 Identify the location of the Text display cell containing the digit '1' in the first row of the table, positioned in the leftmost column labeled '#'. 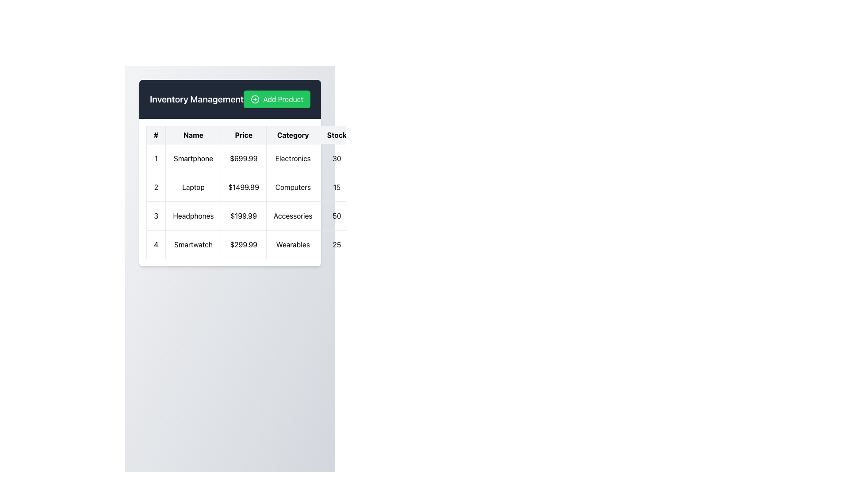
(156, 158).